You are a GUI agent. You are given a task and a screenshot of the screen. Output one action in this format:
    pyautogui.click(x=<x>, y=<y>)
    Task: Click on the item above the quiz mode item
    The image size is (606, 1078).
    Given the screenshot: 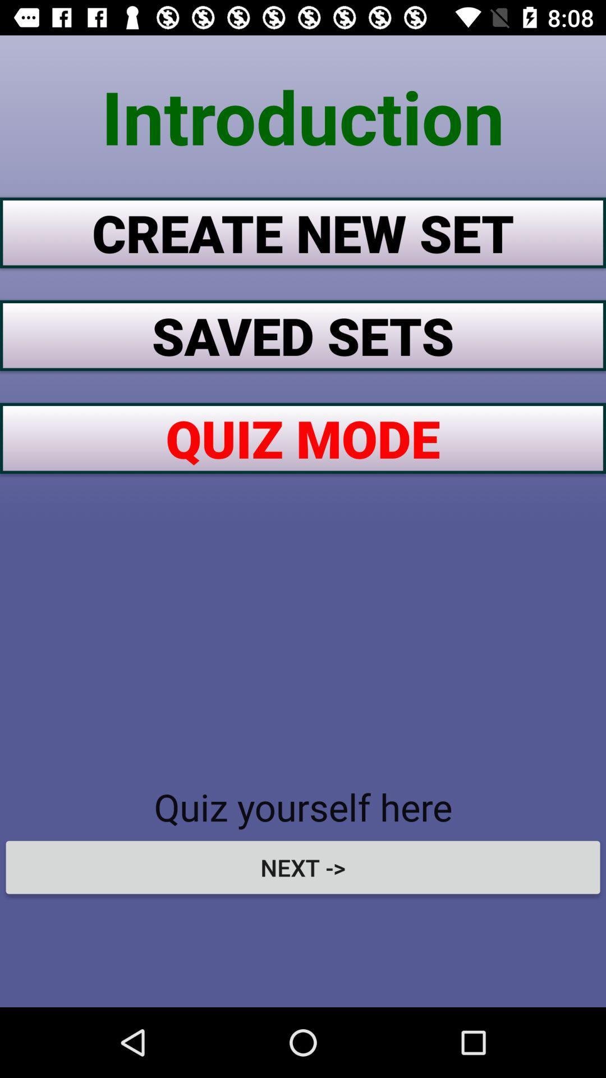 What is the action you would take?
    pyautogui.click(x=303, y=335)
    